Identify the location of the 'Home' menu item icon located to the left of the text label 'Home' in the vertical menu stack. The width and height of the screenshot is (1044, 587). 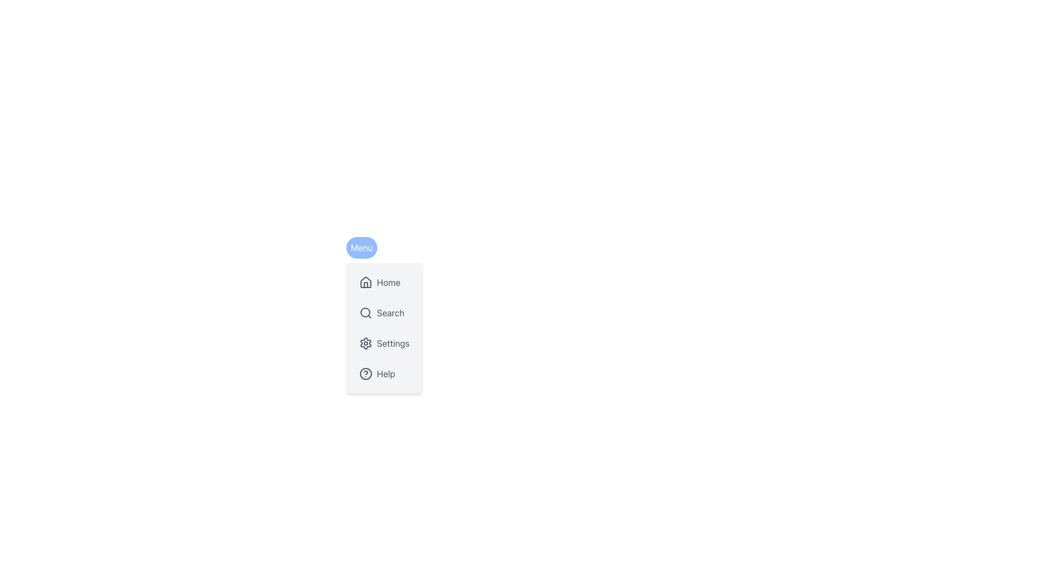
(366, 282).